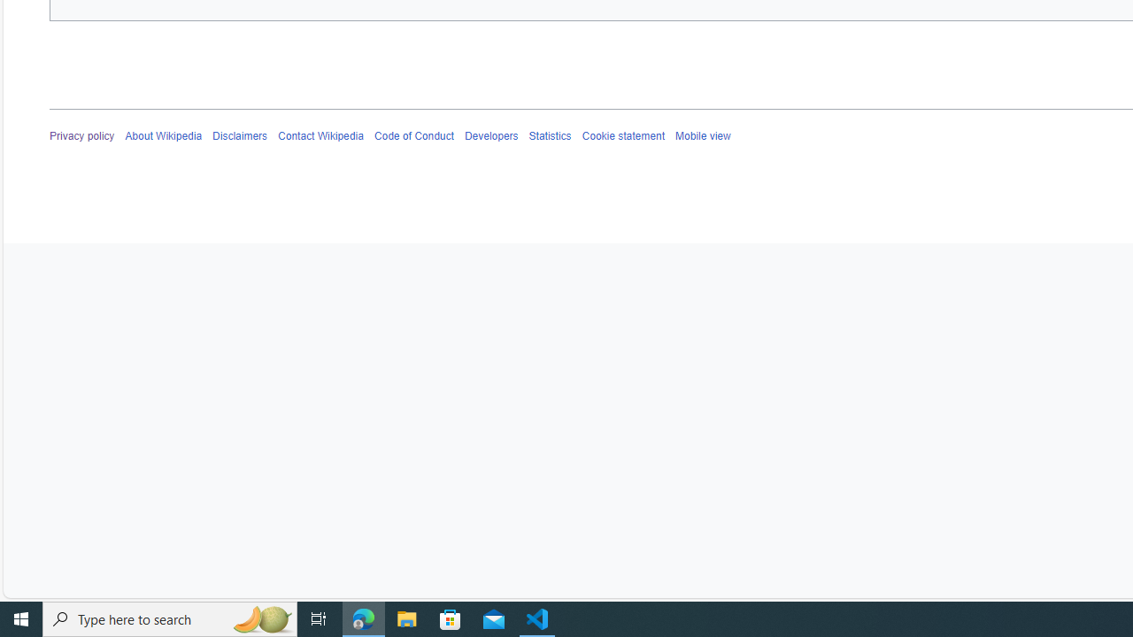  What do you see at coordinates (490, 135) in the screenshot?
I see `'Developers'` at bounding box center [490, 135].